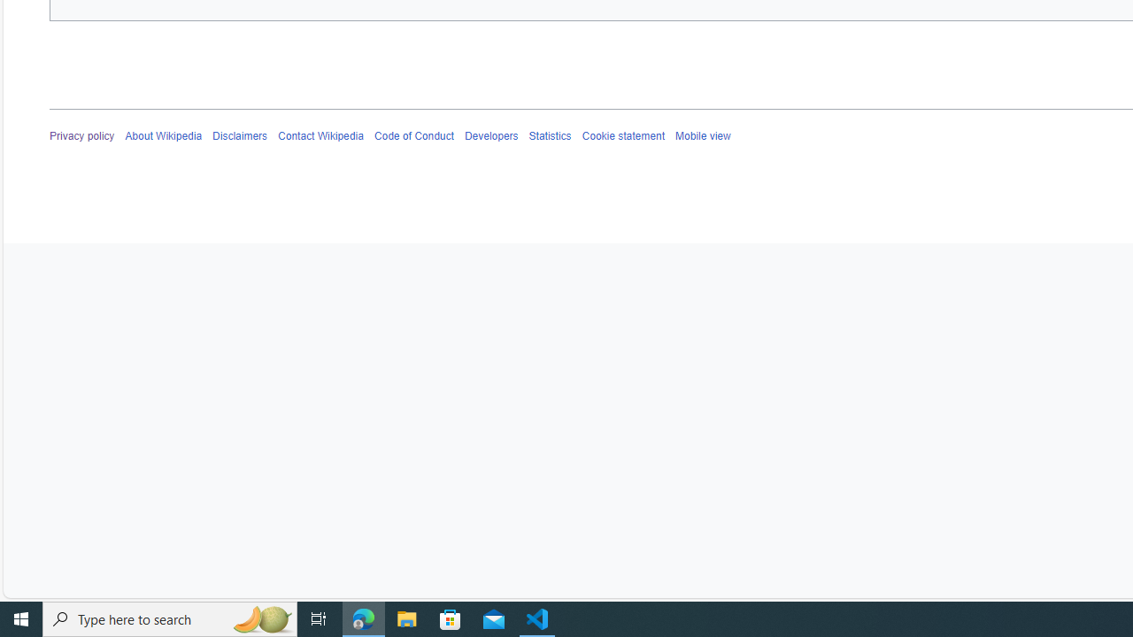  What do you see at coordinates (490, 135) in the screenshot?
I see `'Developers'` at bounding box center [490, 135].